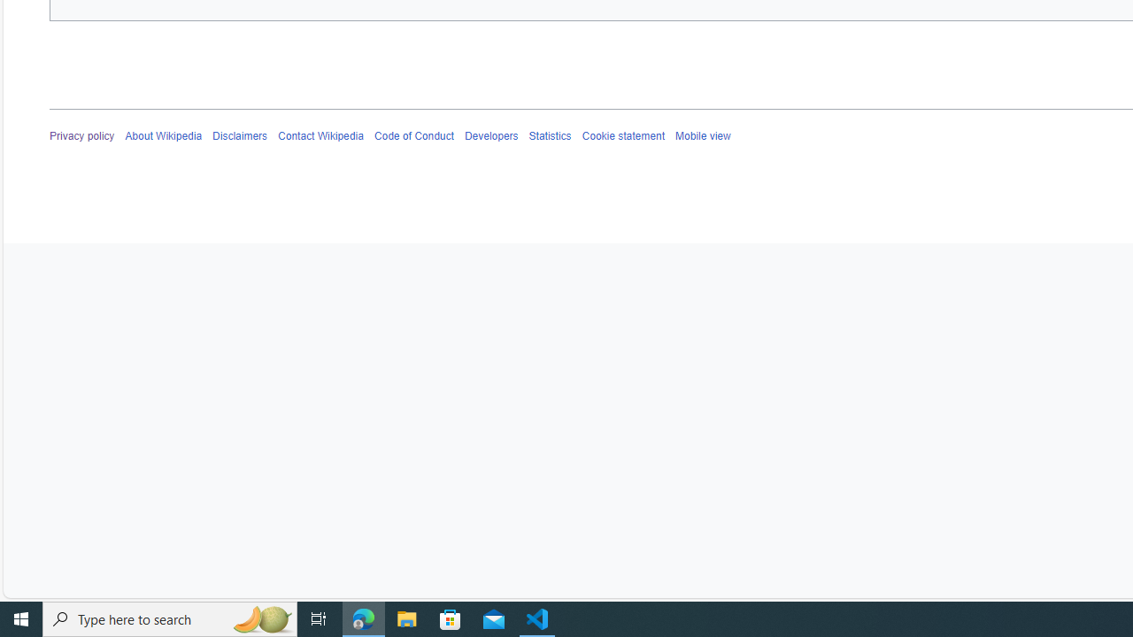  What do you see at coordinates (490, 135) in the screenshot?
I see `'Developers'` at bounding box center [490, 135].